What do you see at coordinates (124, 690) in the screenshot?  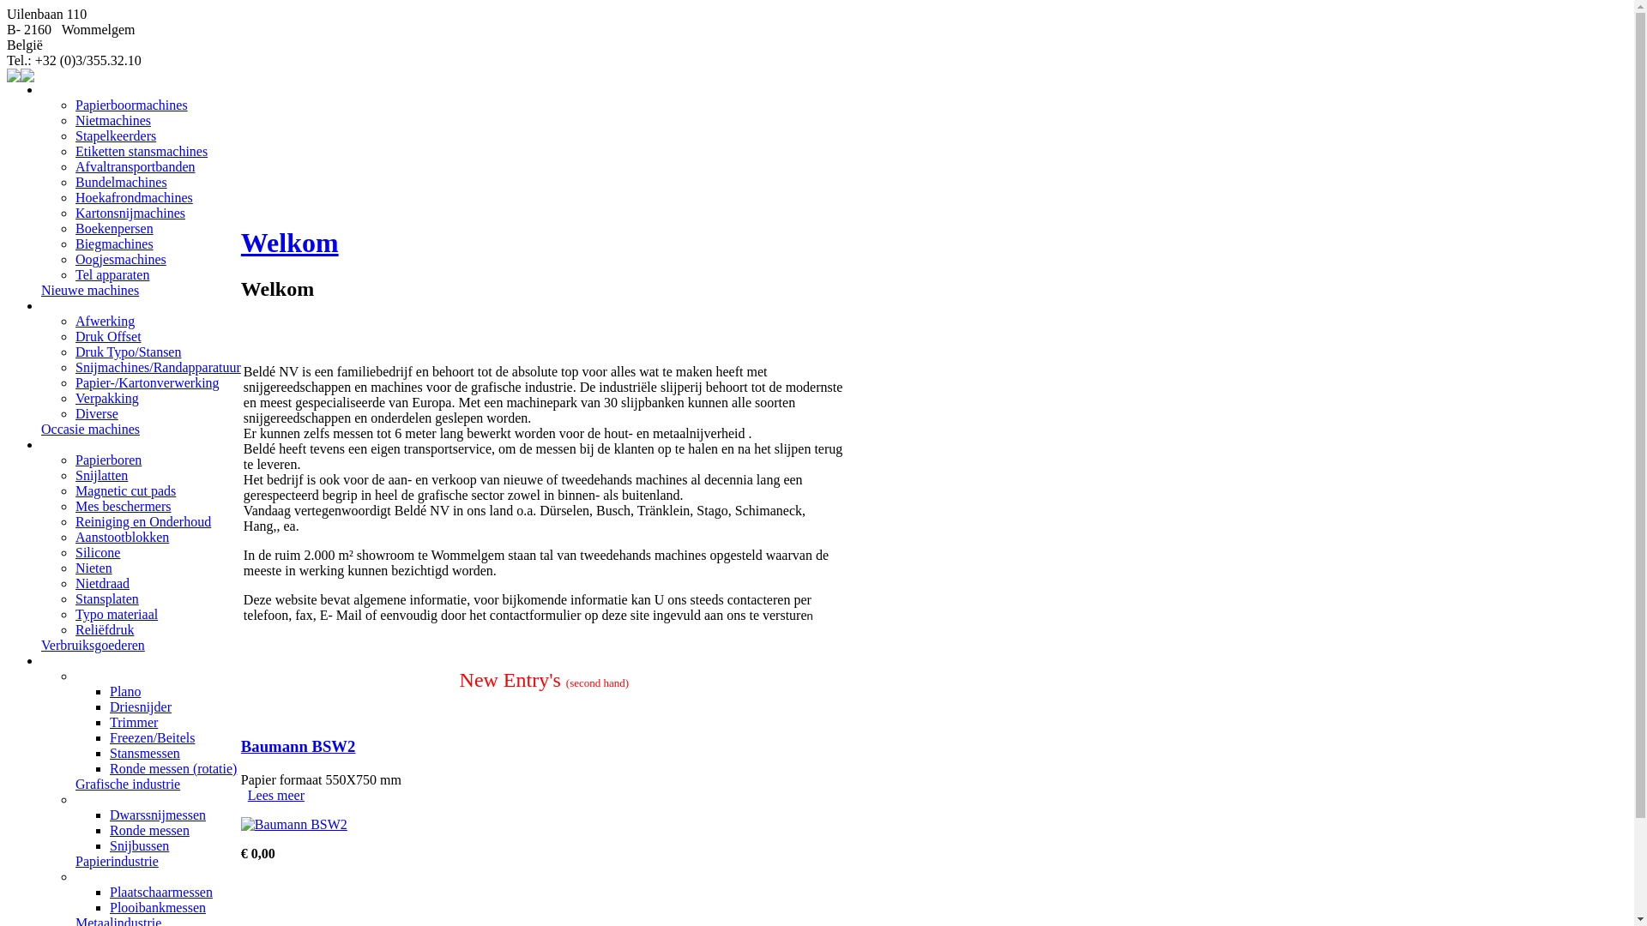 I see `'Plano'` at bounding box center [124, 690].